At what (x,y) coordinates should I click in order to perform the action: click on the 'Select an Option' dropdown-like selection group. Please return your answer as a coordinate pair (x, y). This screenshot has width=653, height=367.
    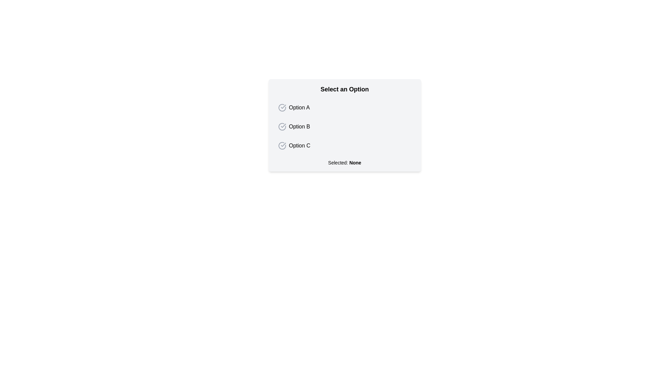
    Looking at the image, I should click on (345, 125).